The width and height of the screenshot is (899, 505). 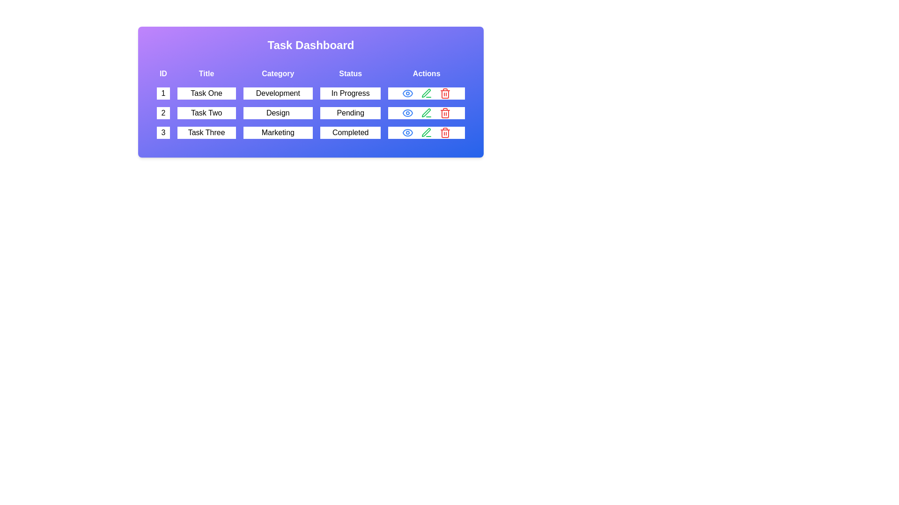 I want to click on the row corresponding to 2, so click(x=310, y=113).